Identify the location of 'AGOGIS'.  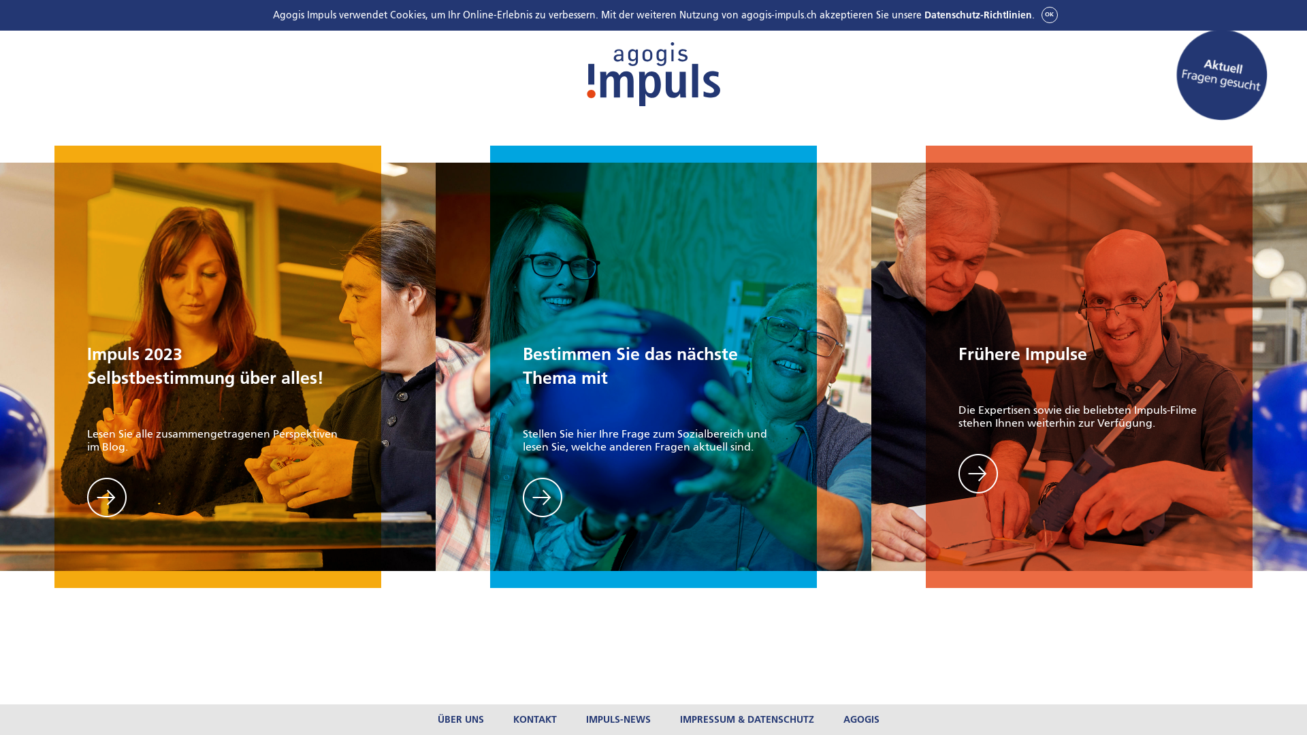
(842, 719).